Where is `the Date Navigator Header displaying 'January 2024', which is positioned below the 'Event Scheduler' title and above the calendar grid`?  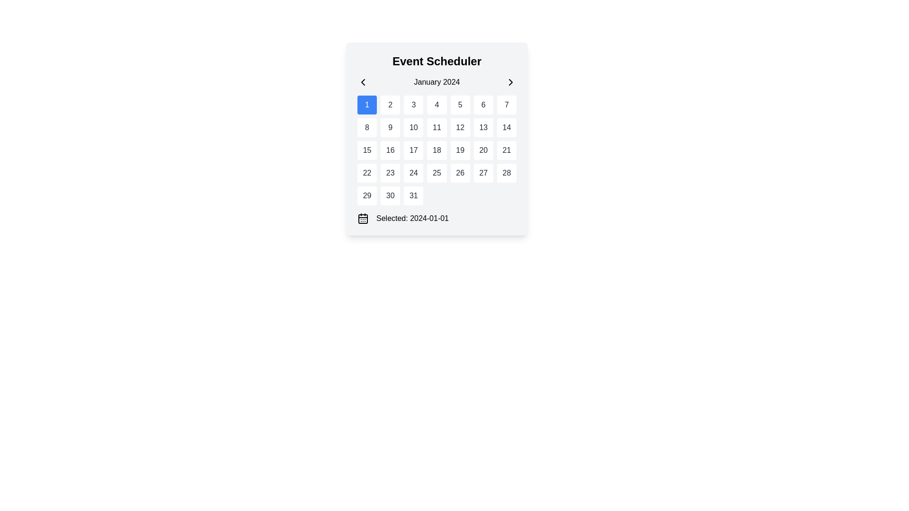 the Date Navigator Header displaying 'January 2024', which is positioned below the 'Event Scheduler' title and above the calendar grid is located at coordinates (436, 81).